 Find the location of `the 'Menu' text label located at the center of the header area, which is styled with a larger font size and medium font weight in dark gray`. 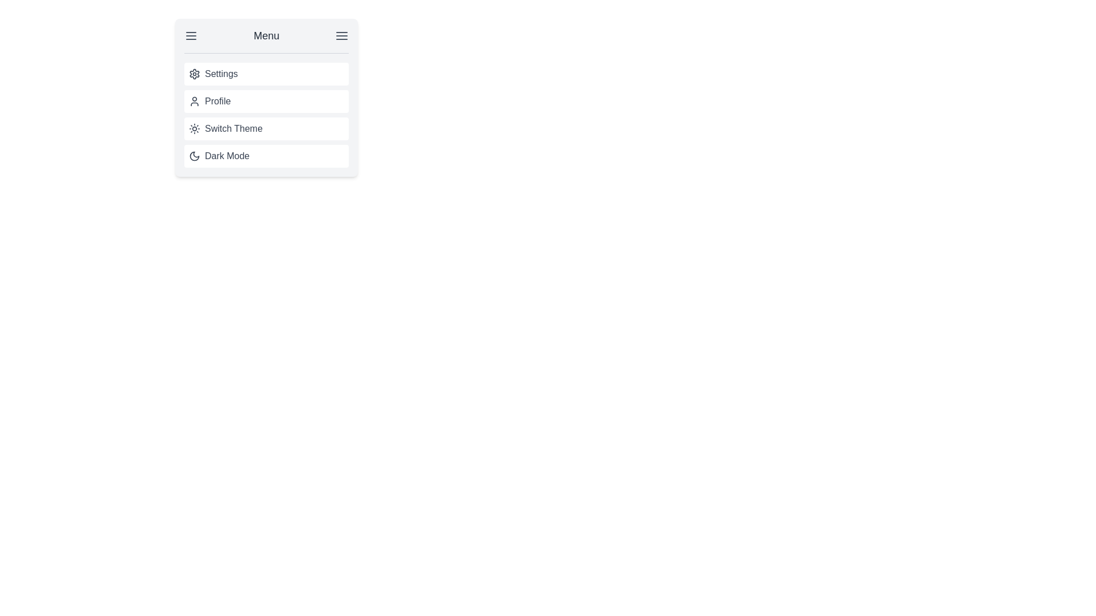

the 'Menu' text label located at the center of the header area, which is styled with a larger font size and medium font weight in dark gray is located at coordinates (265, 35).